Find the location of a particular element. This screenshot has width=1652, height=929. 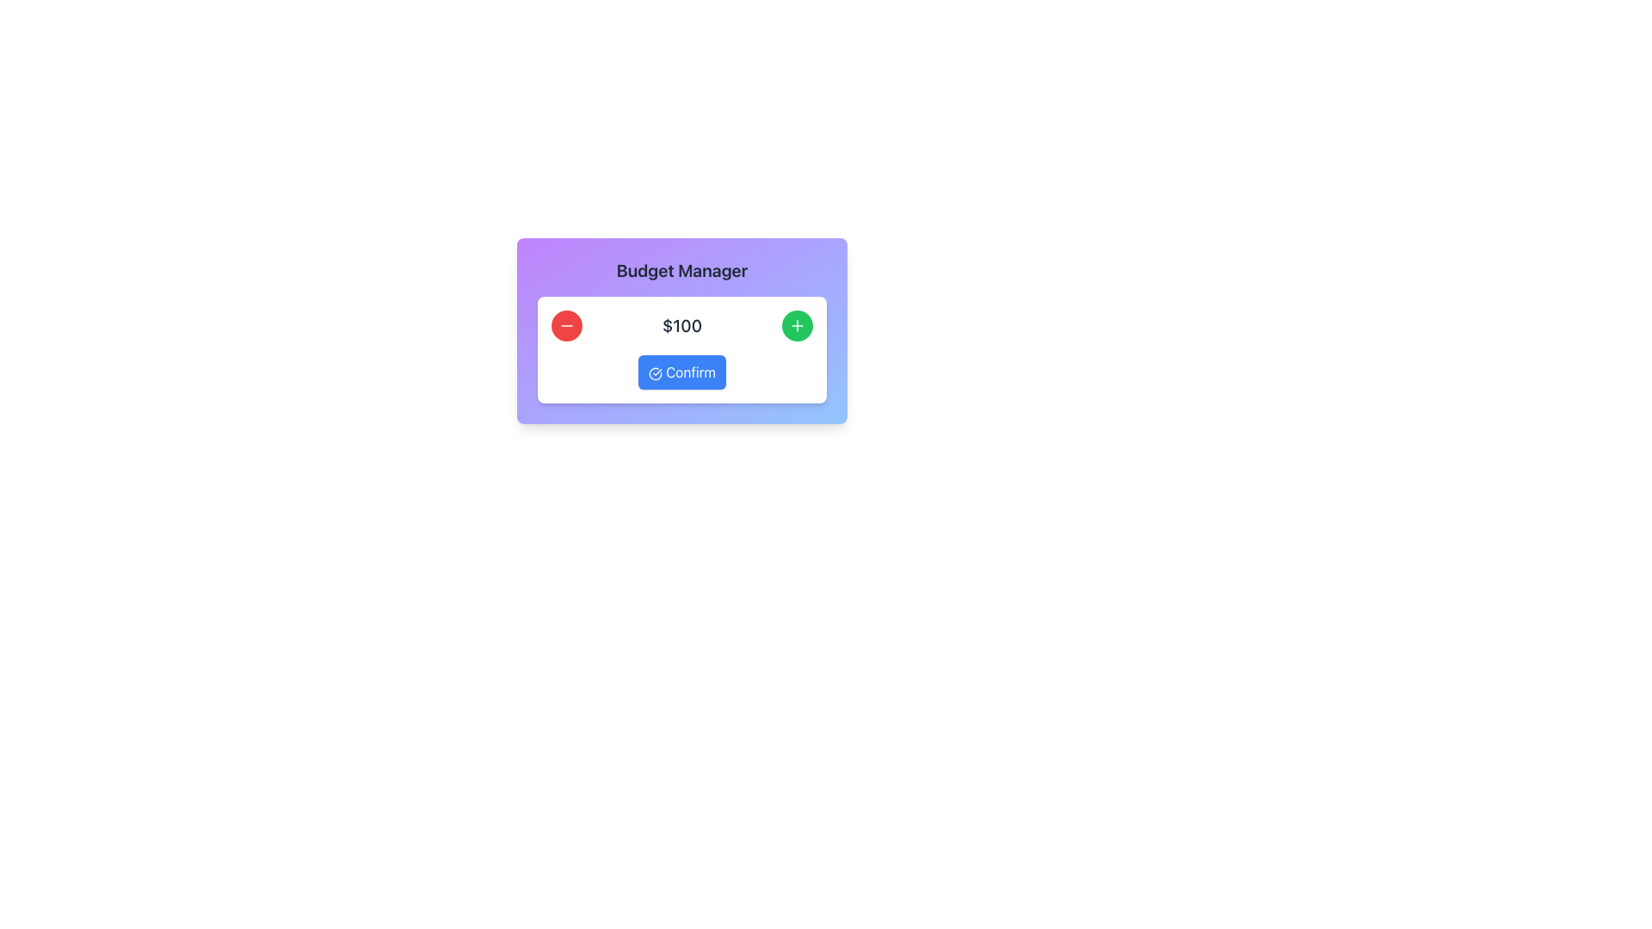

the confirmation icon located at the bottom-center of the 'Confirm' button is located at coordinates (654, 372).